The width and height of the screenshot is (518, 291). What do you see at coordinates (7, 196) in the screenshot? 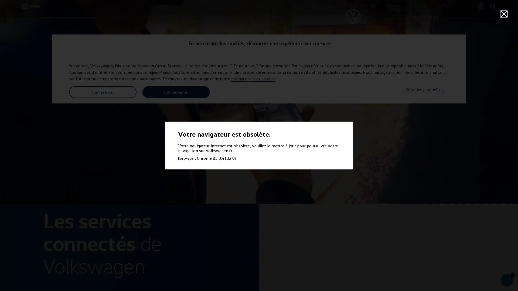
I see `Afficher le numero de non-responsabilite 1` at bounding box center [7, 196].